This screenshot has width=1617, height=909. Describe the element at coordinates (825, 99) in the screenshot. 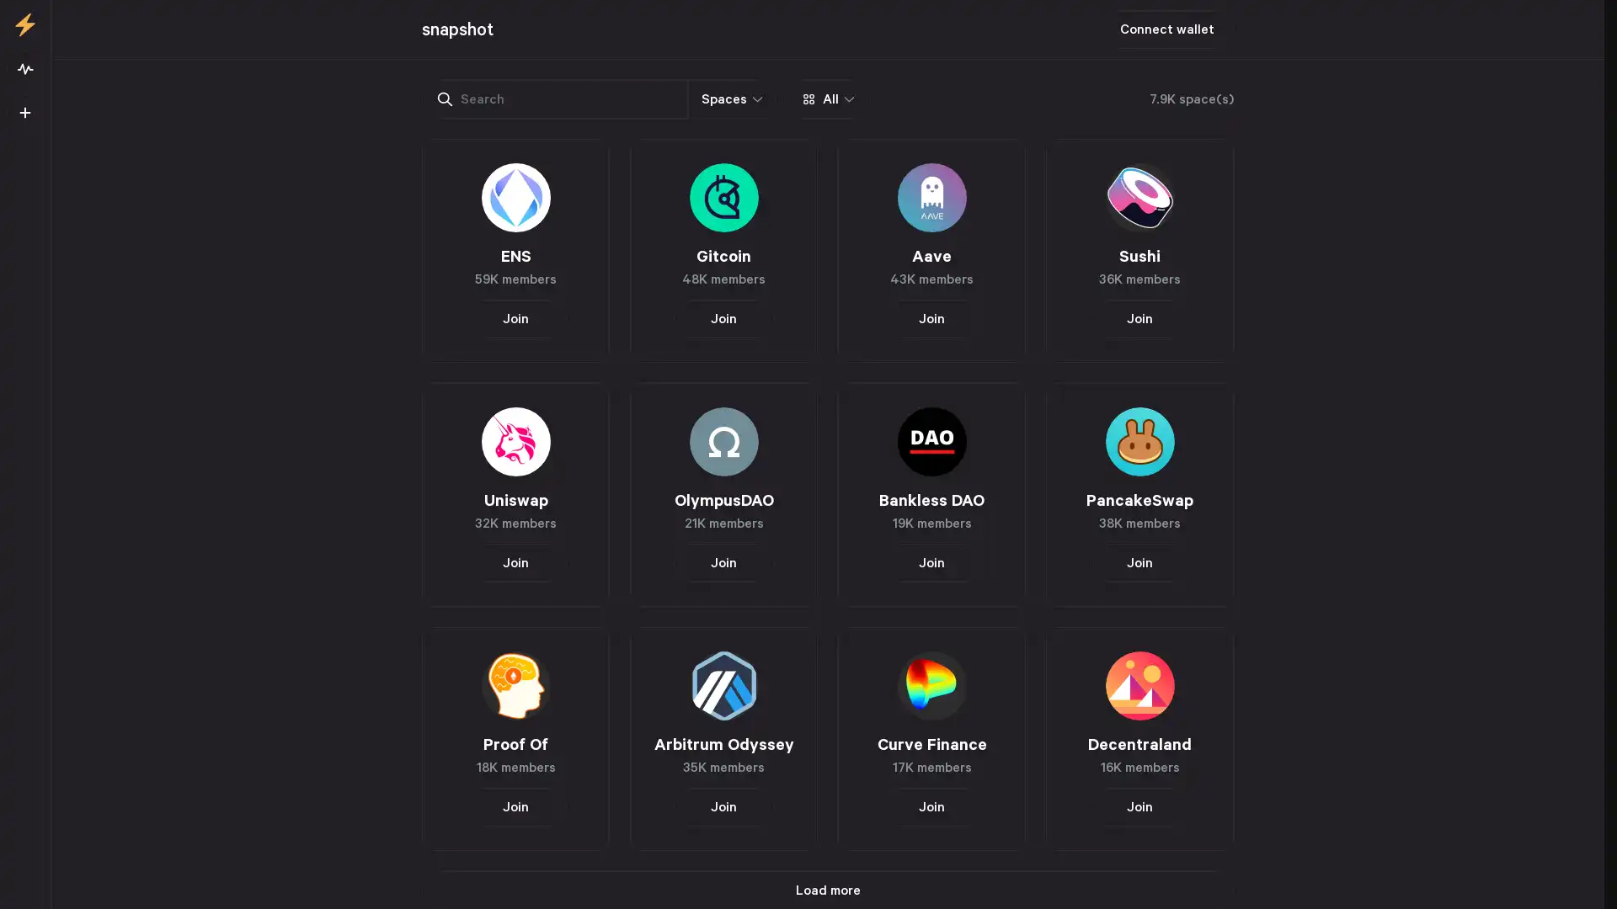

I see `All` at that location.